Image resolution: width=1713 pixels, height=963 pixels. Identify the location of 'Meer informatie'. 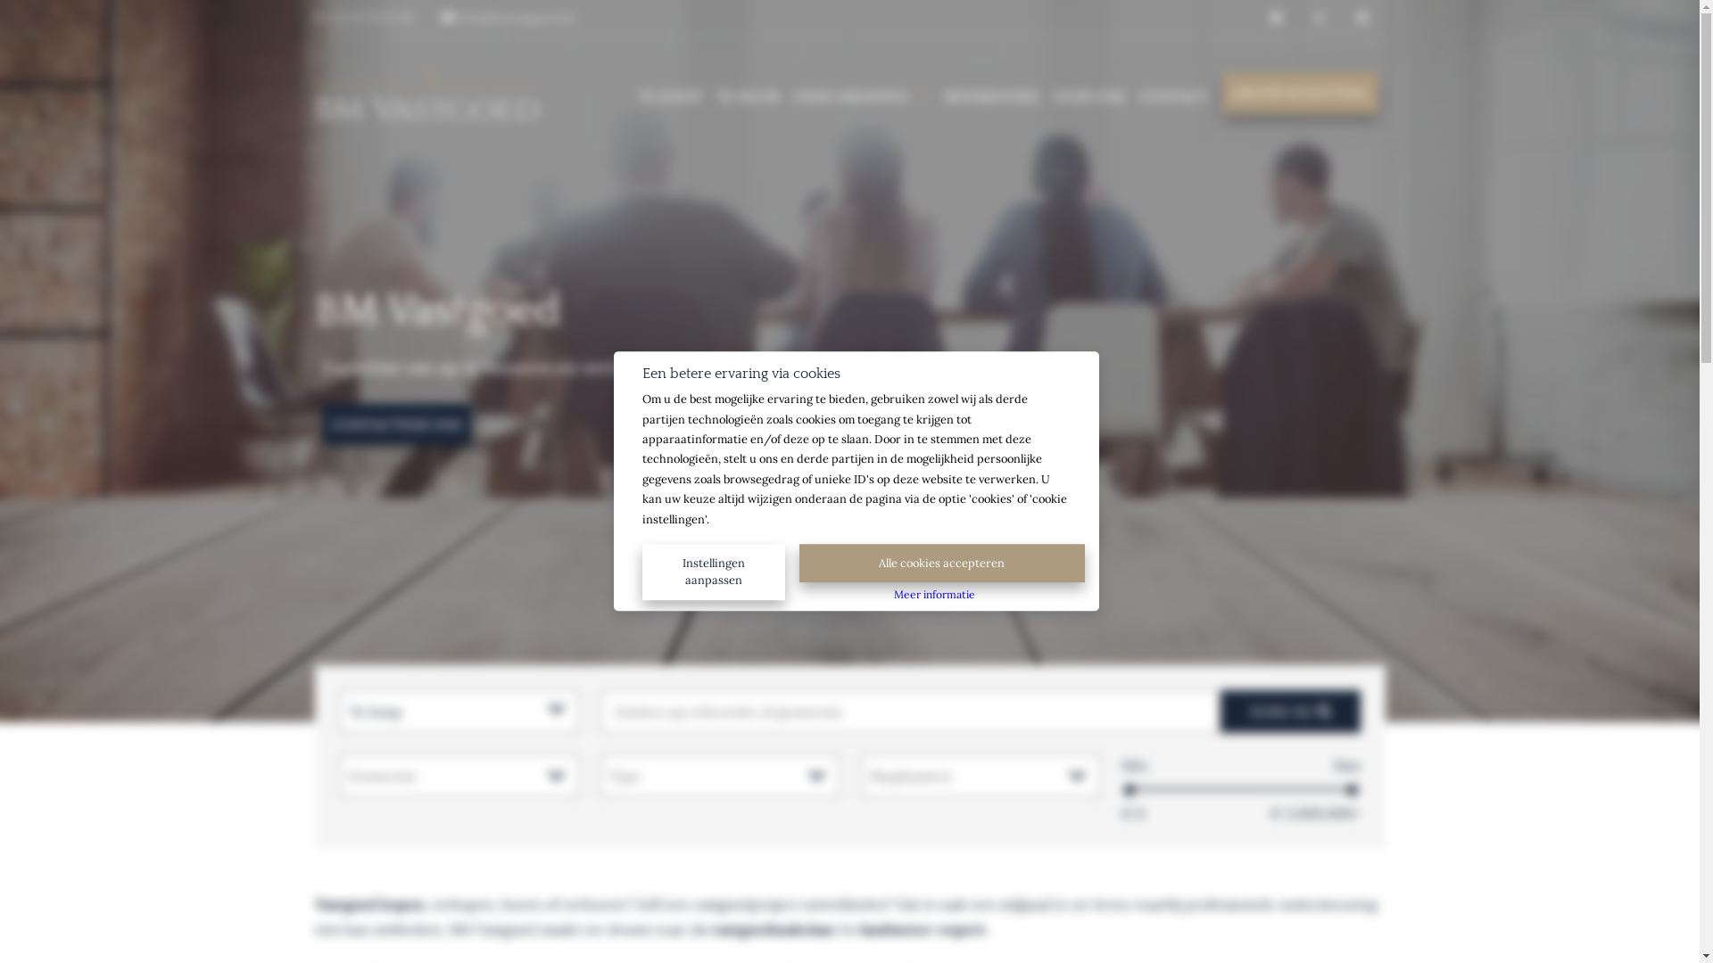
(894, 594).